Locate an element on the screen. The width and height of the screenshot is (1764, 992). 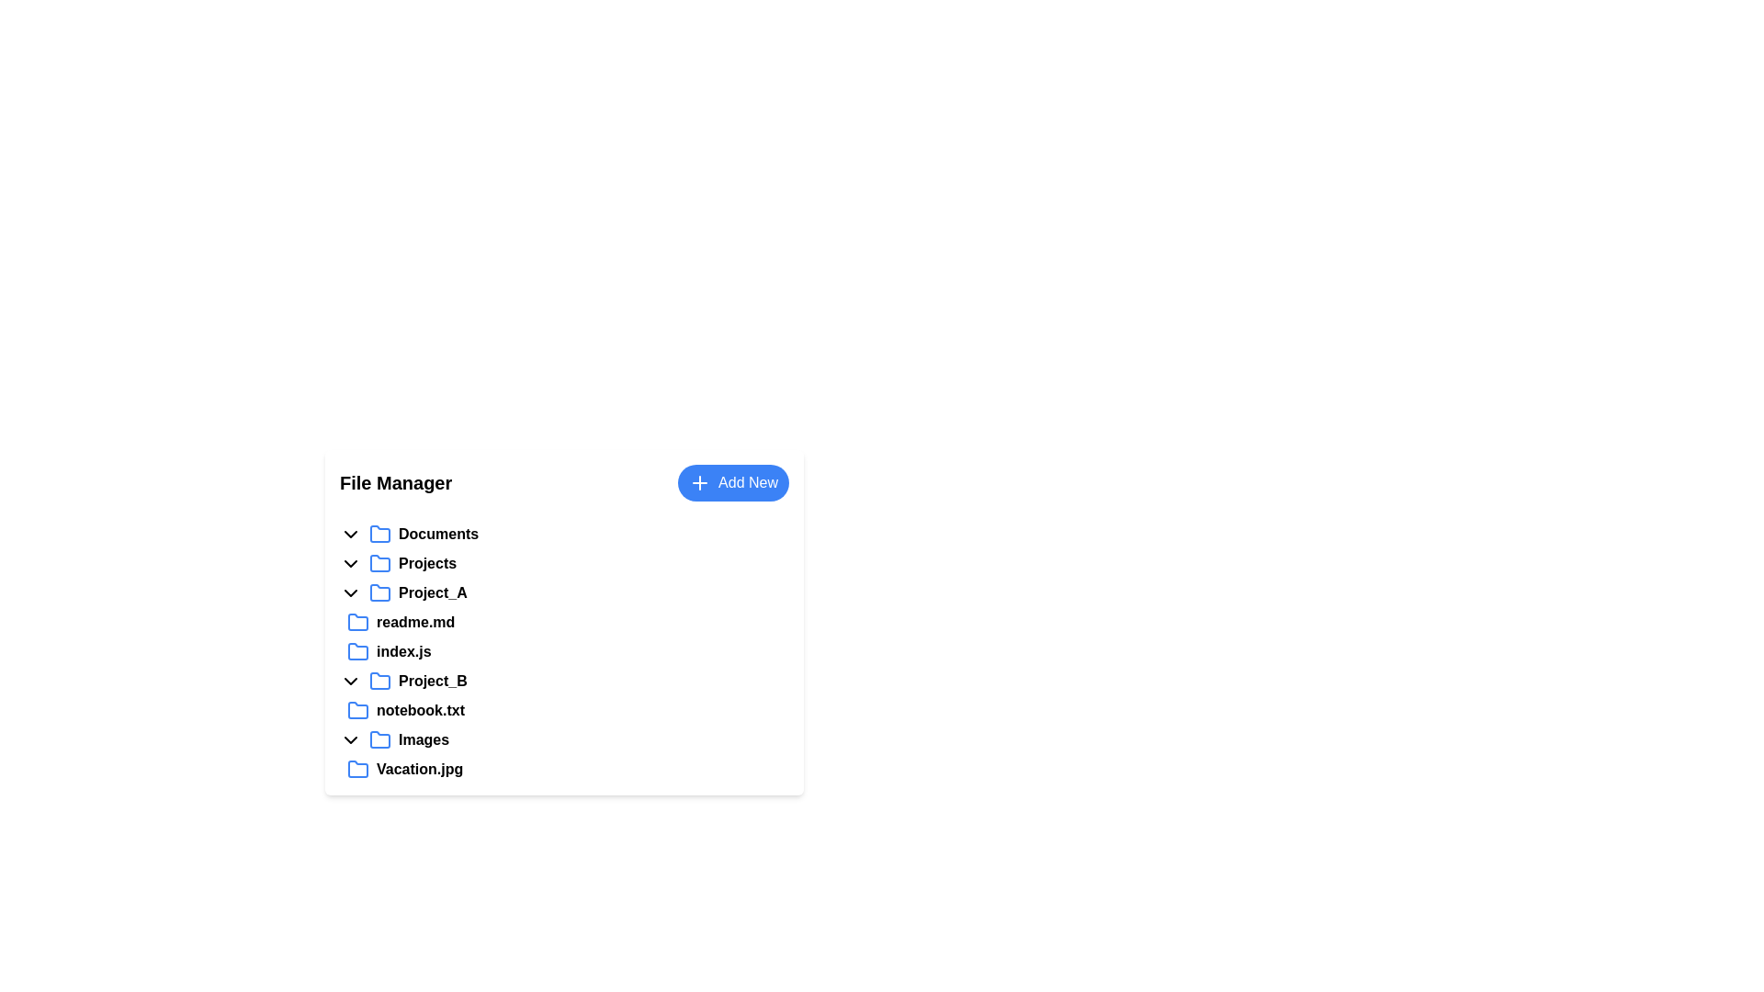
the 'Projects' folder entry, which is the first expandable folder is located at coordinates (563, 562).